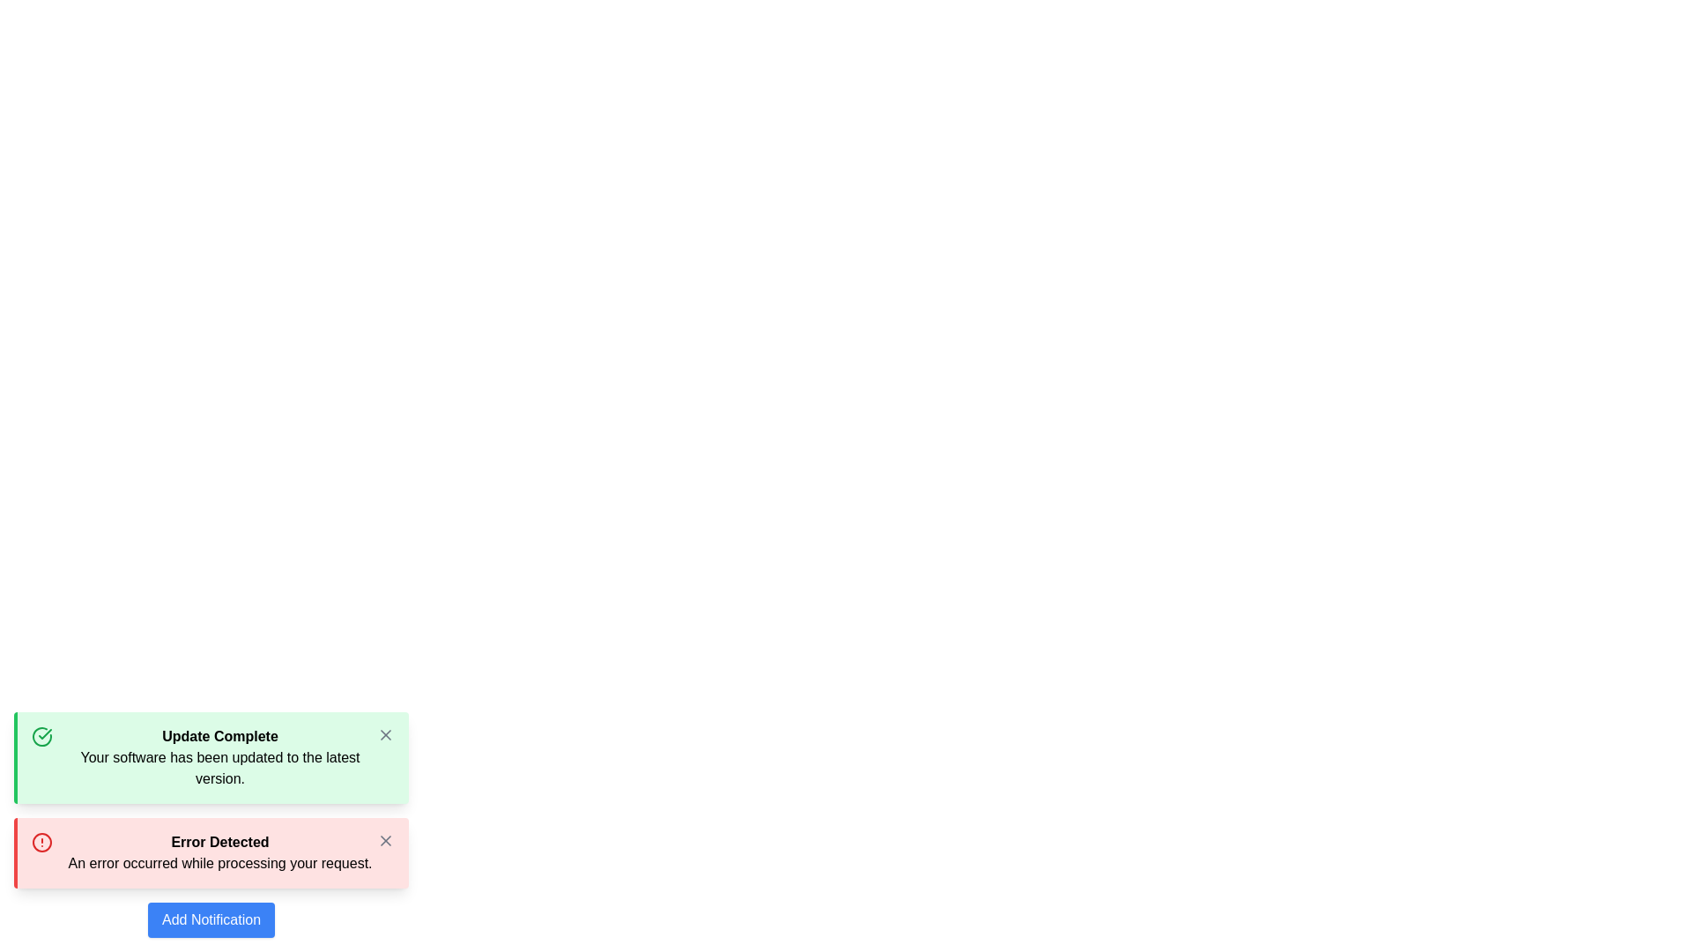 The height and width of the screenshot is (952, 1692). I want to click on the textual notification displaying the message 'Your software has been updated to the latest version.' which is located below the heading 'Update Complete' in a notification card with a light green background, so click(219, 767).